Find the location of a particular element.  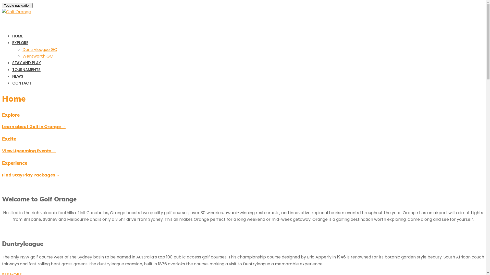

'HOME' is located at coordinates (18, 36).